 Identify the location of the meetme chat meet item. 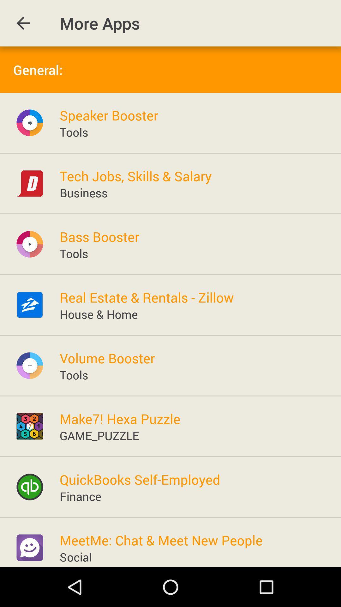
(161, 540).